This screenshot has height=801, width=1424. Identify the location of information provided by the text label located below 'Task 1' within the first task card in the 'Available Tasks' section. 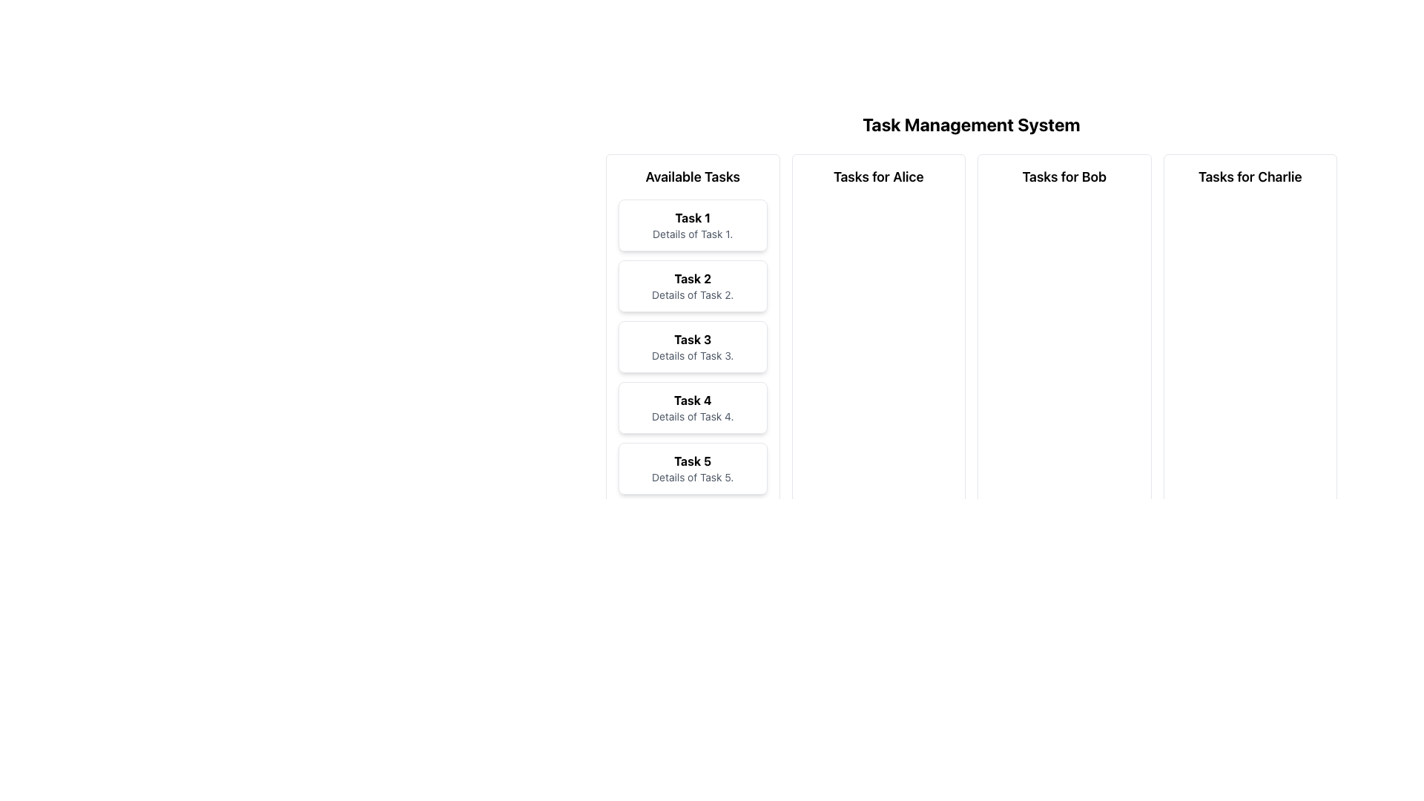
(692, 234).